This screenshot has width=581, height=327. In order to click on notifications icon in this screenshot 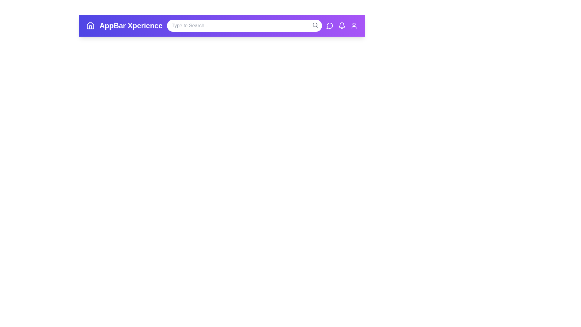, I will do `click(342, 25)`.